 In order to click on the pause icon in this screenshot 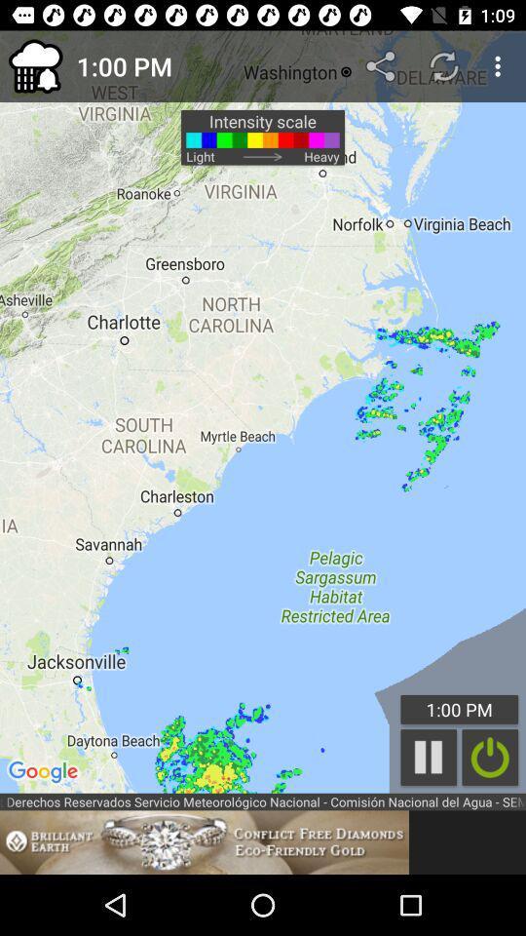, I will do `click(429, 757)`.